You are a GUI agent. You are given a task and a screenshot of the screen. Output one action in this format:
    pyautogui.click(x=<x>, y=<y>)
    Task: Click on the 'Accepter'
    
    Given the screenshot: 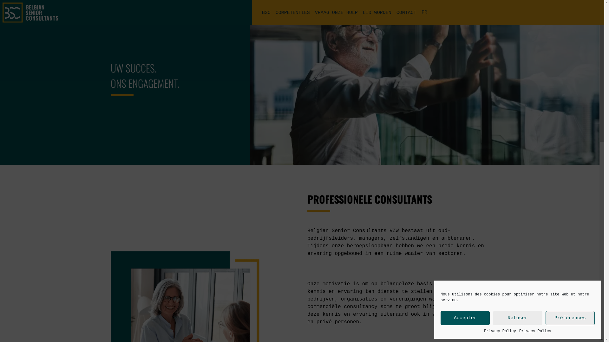 What is the action you would take?
    pyautogui.click(x=465, y=318)
    